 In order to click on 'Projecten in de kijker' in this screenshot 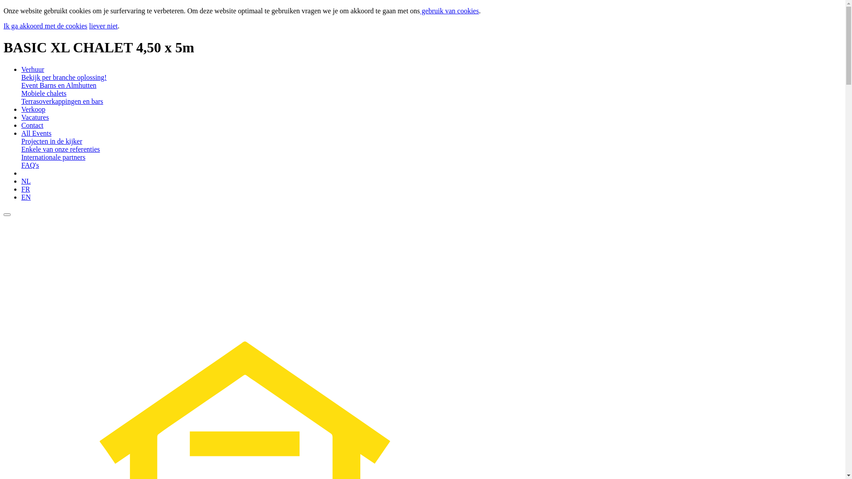, I will do `click(51, 141)`.